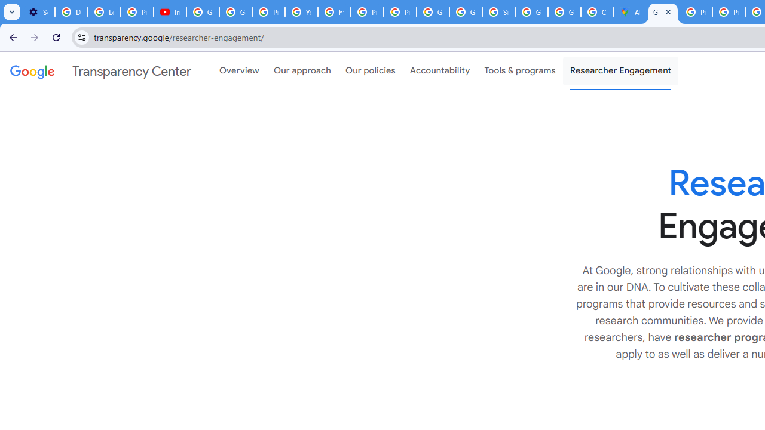 The image size is (765, 430). What do you see at coordinates (662, 12) in the screenshot?
I see `'Google Researcher Engagement - Transparency Center'` at bounding box center [662, 12].